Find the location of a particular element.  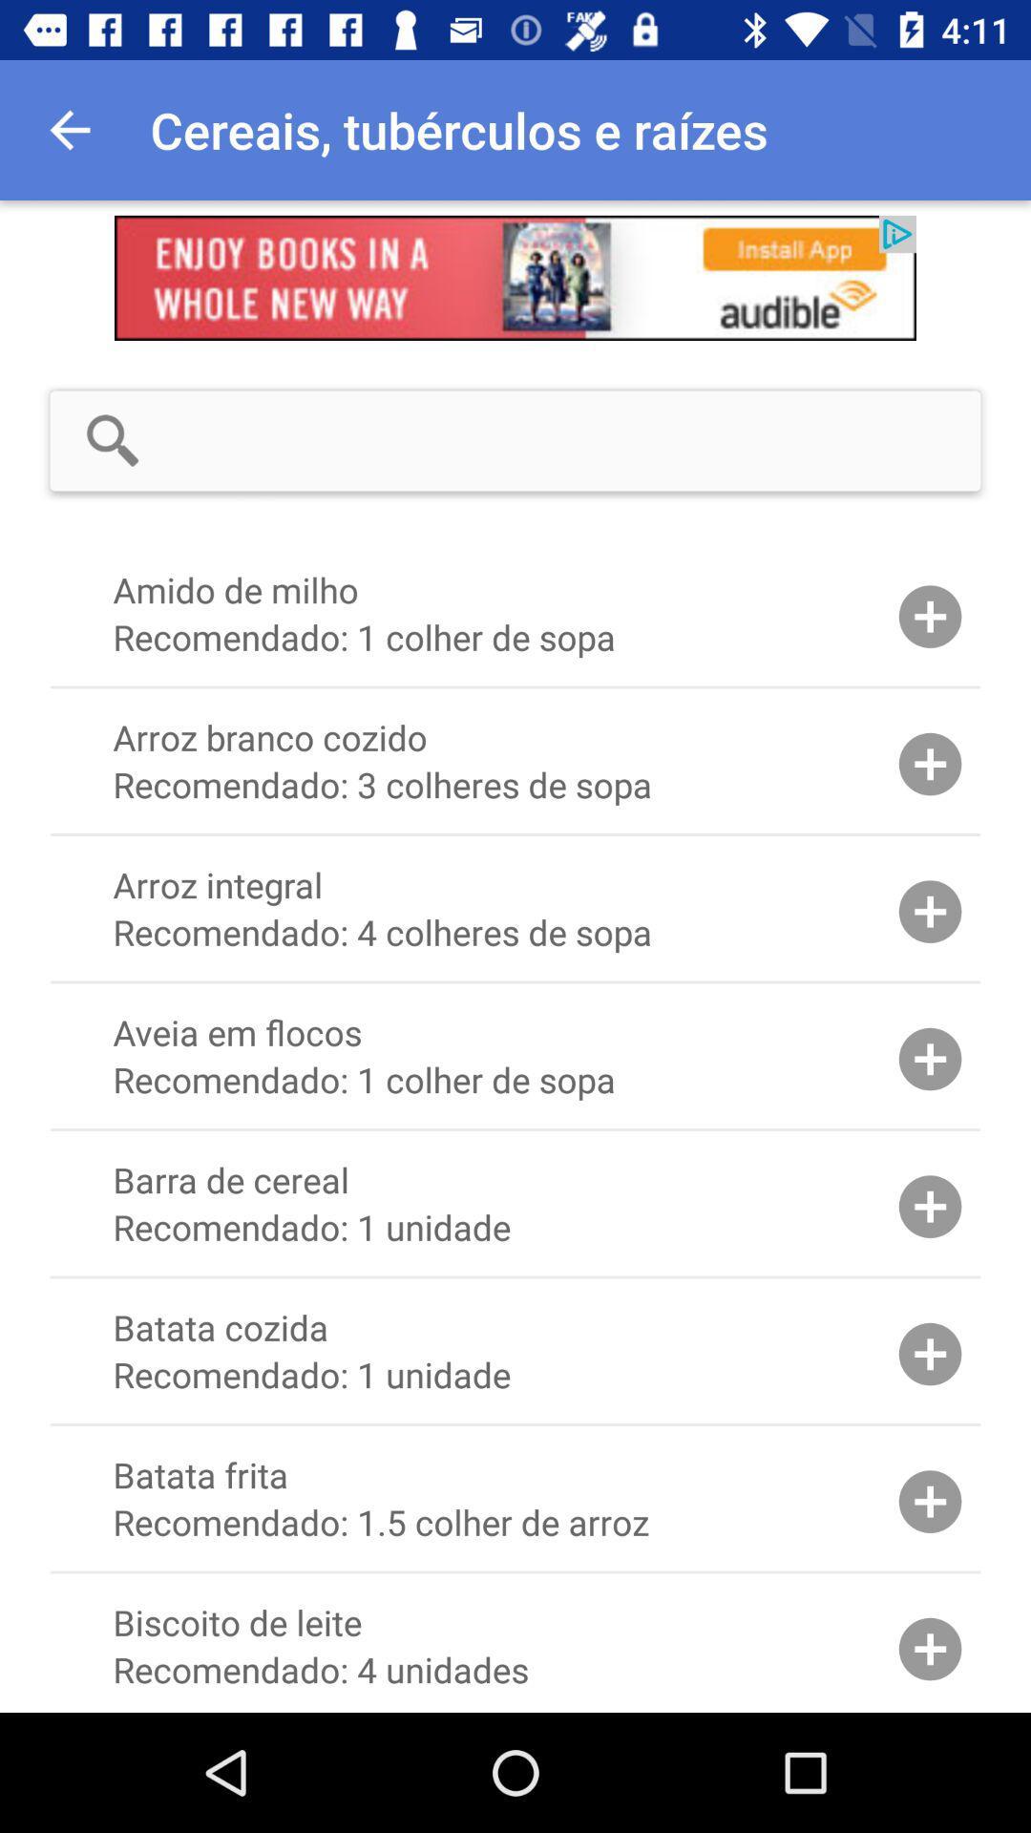

advertisement is located at coordinates (515, 277).